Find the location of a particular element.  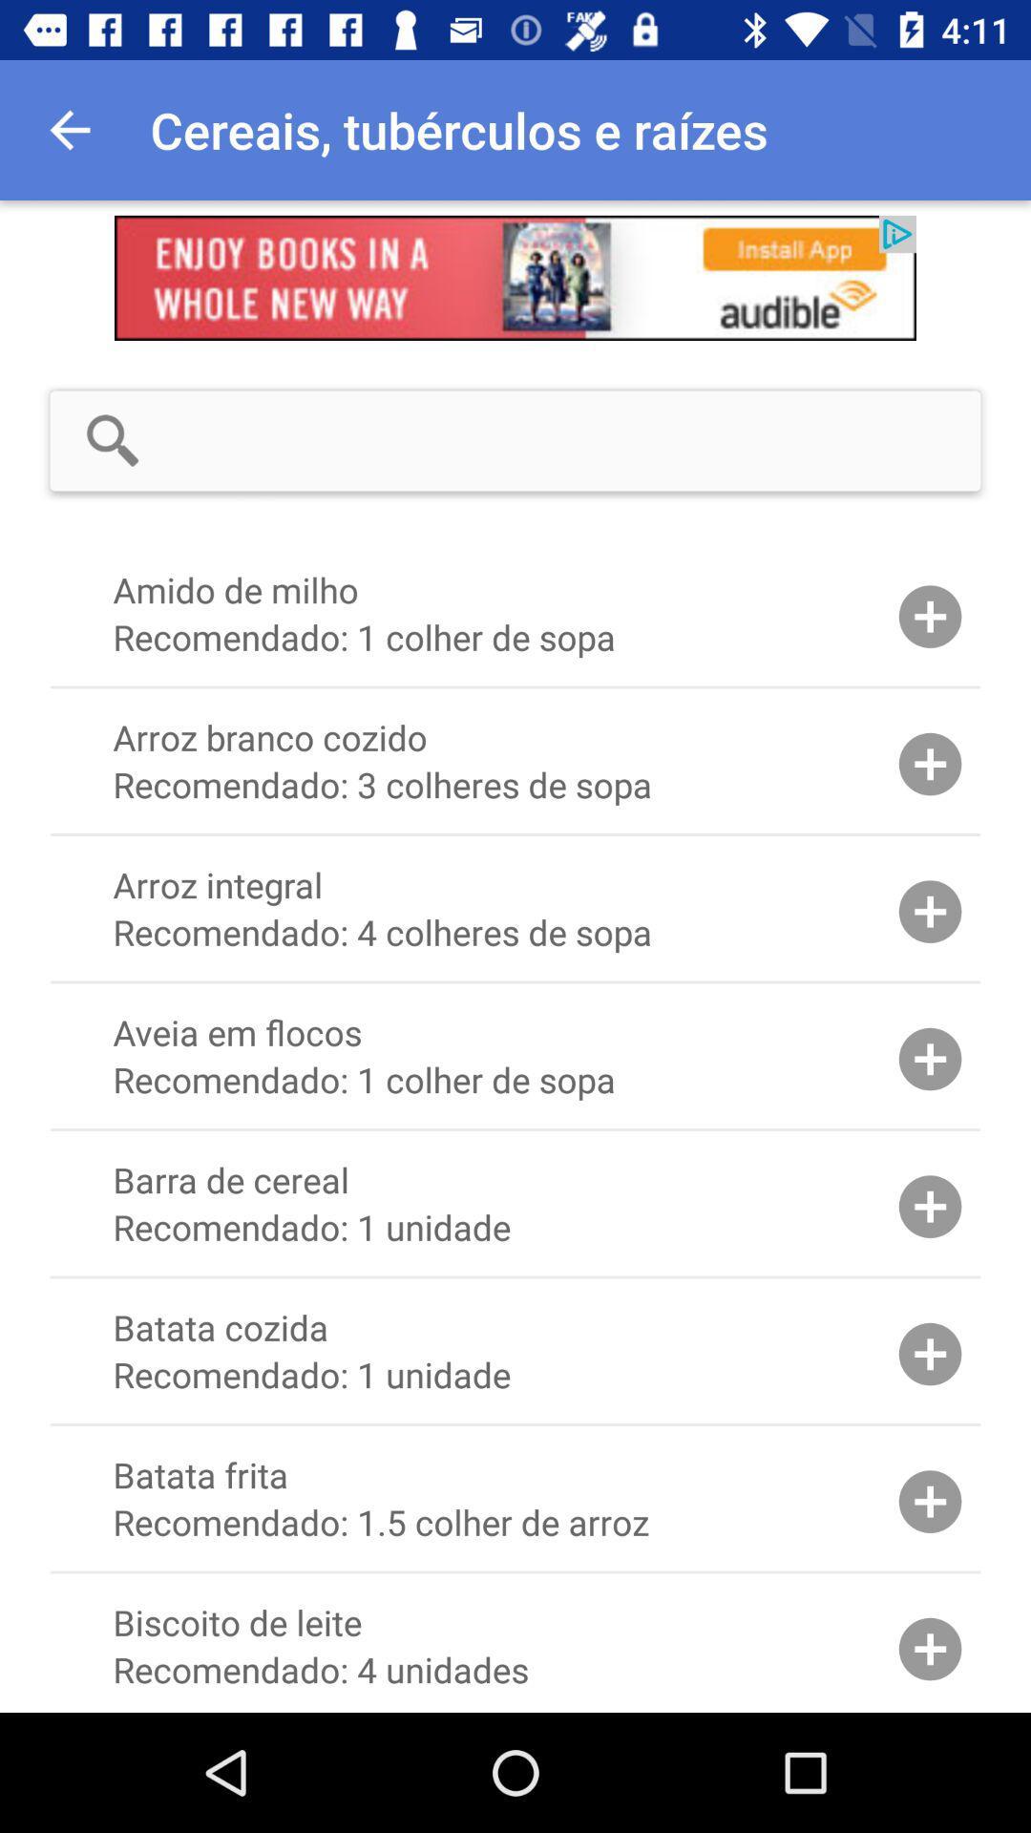

advertisement is located at coordinates (515, 277).